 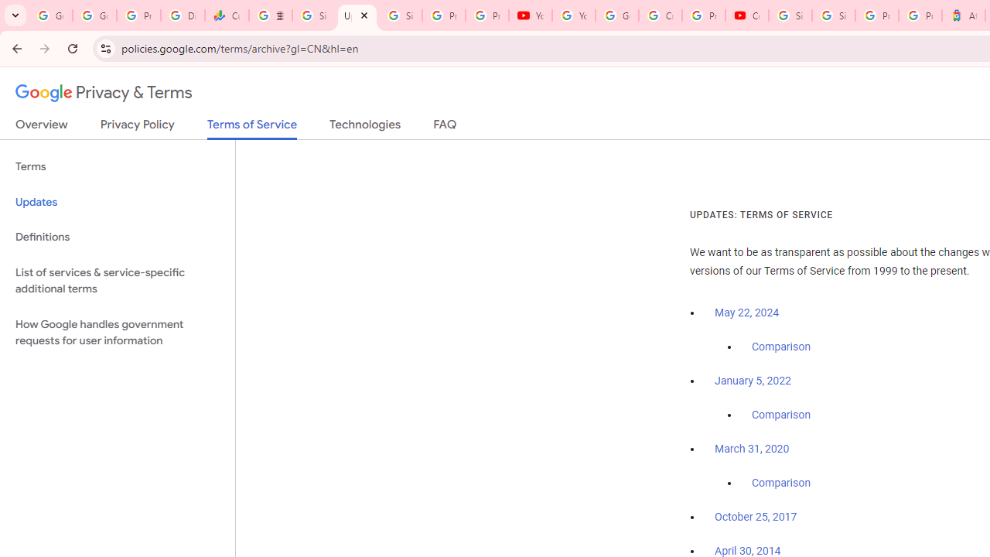 I want to click on 'Content Creator Programs & Opportunities - YouTube Creators', so click(x=747, y=15).